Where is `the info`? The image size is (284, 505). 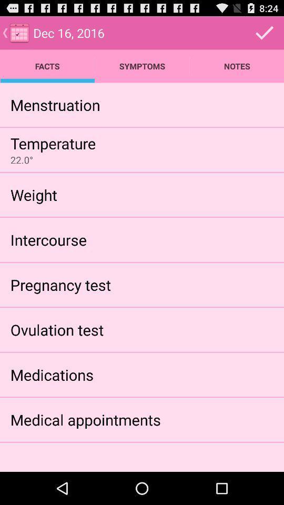
the info is located at coordinates (264, 33).